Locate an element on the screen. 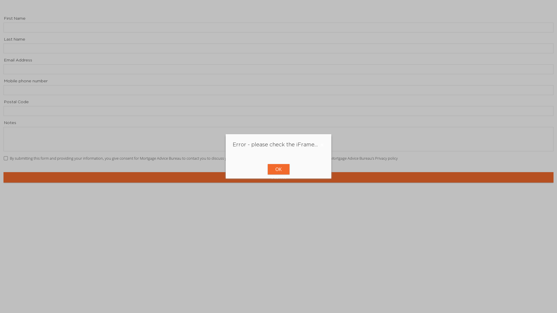  'OK' is located at coordinates (278, 169).